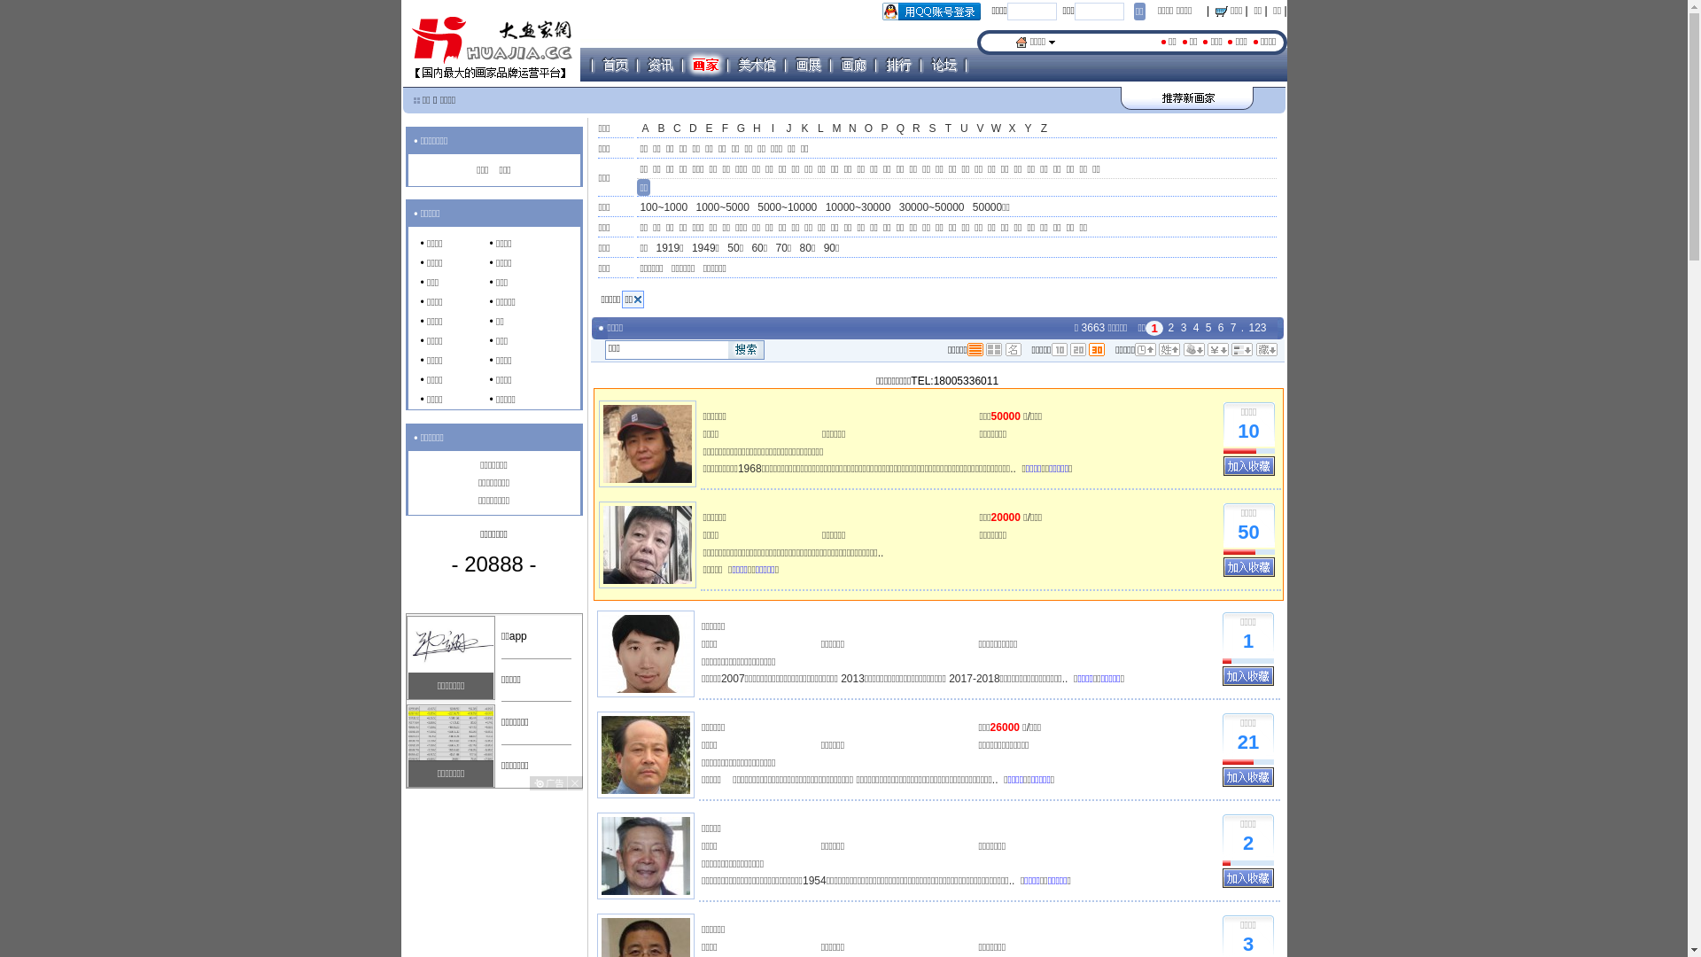 The height and width of the screenshot is (957, 1701). I want to click on 'G', so click(740, 128).